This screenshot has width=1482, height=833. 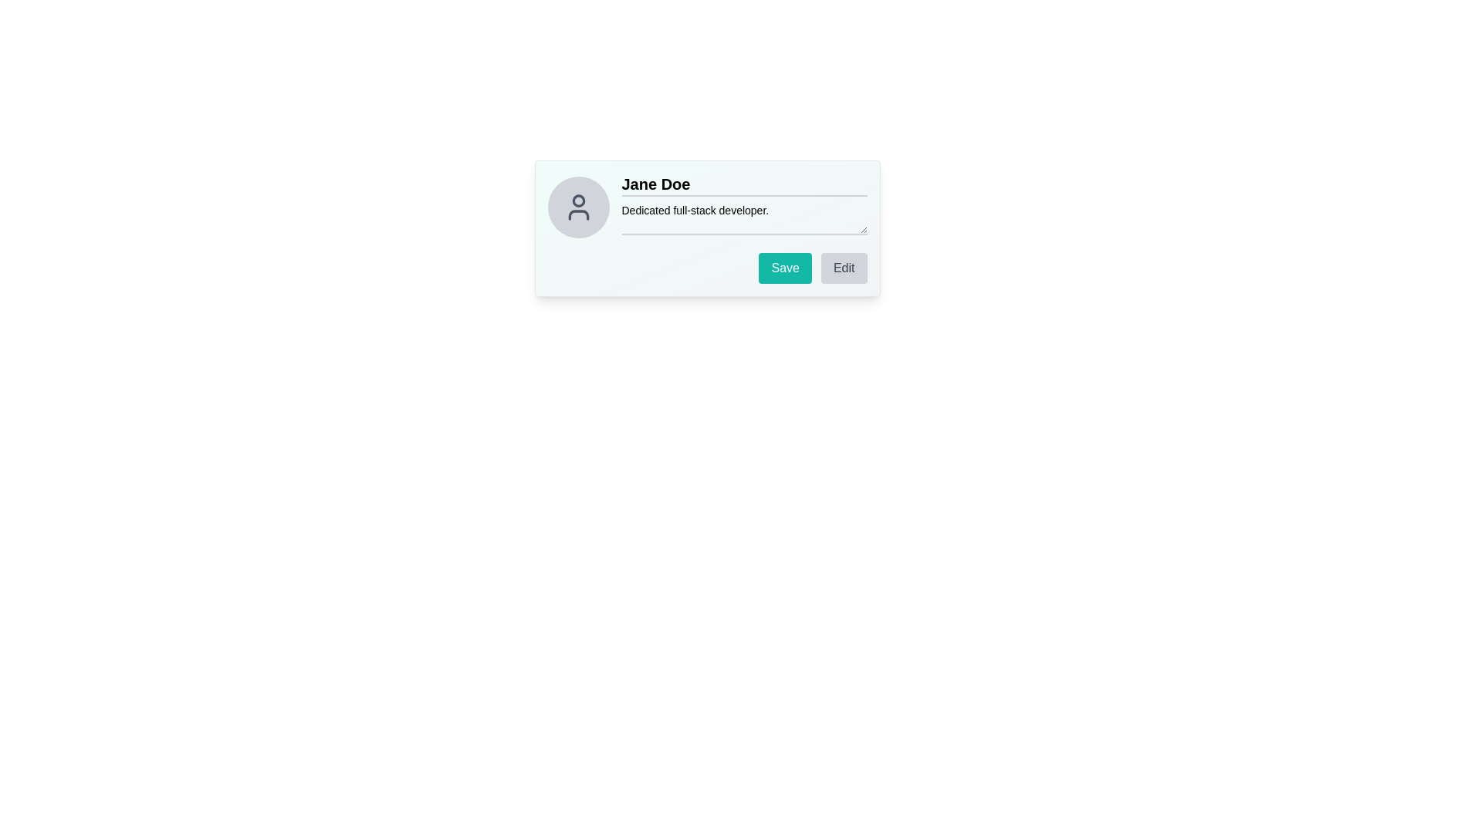 What do you see at coordinates (785, 267) in the screenshot?
I see `the 'Save' button, which is a rectangular button with rounded corners, teal background, and white text, located at the bottom-right of a user card interface` at bounding box center [785, 267].